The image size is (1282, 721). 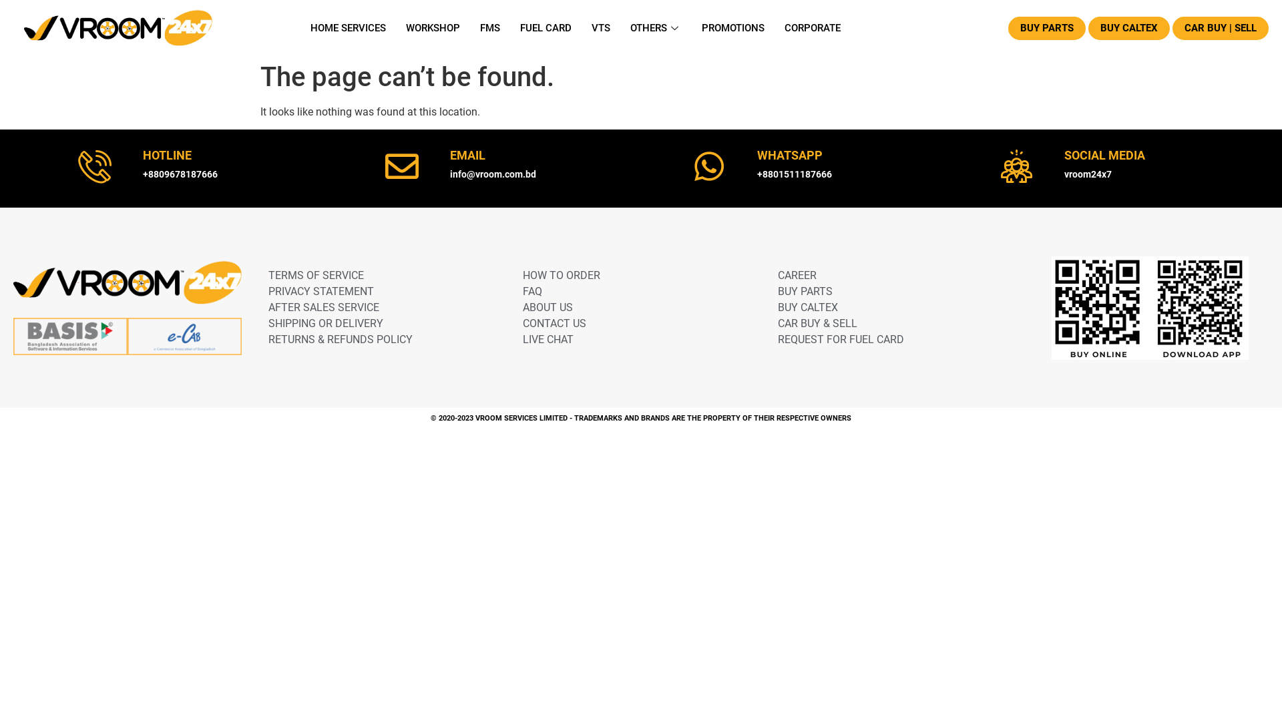 I want to click on 'HOW TO ORDER', so click(x=521, y=274).